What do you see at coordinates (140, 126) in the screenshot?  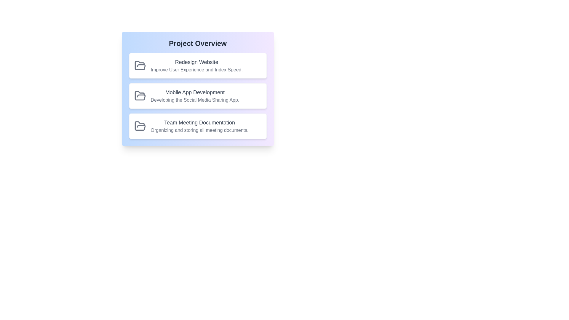 I see `the folder icon for the project titled 'Team Meeting Documentation'` at bounding box center [140, 126].